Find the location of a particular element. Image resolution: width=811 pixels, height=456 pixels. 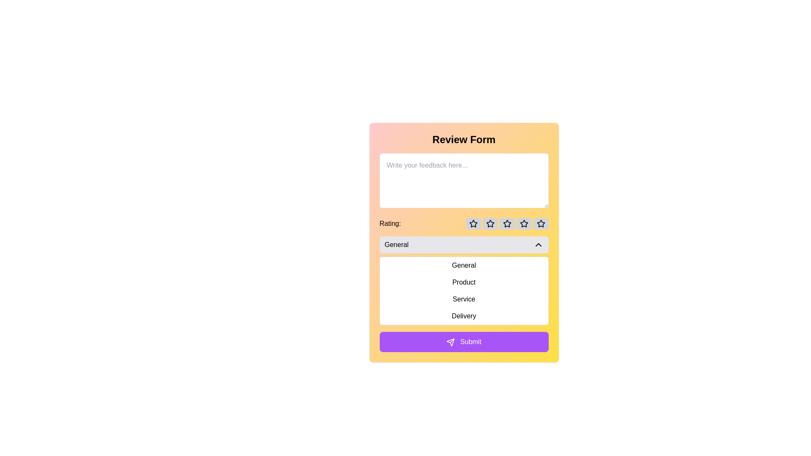

the third star-shaped icon from the left under the label 'Rating:' is located at coordinates (507, 223).